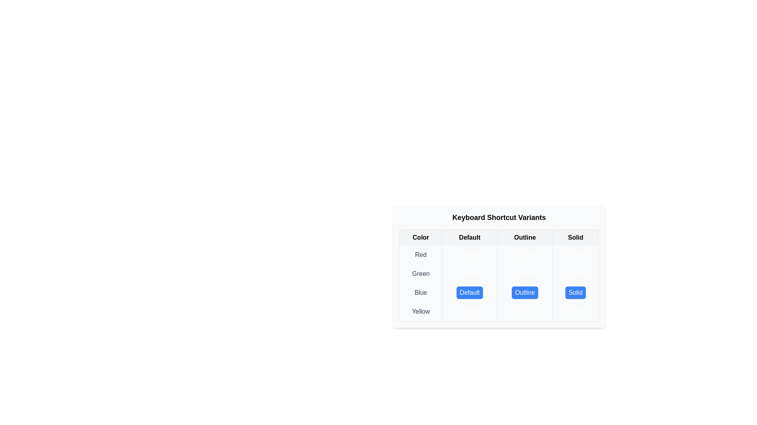 This screenshot has width=757, height=425. What do you see at coordinates (469, 255) in the screenshot?
I see `text label located in the second column of the row corresponding to 'Red' within the table layout, which is under the 'Default' header` at bounding box center [469, 255].